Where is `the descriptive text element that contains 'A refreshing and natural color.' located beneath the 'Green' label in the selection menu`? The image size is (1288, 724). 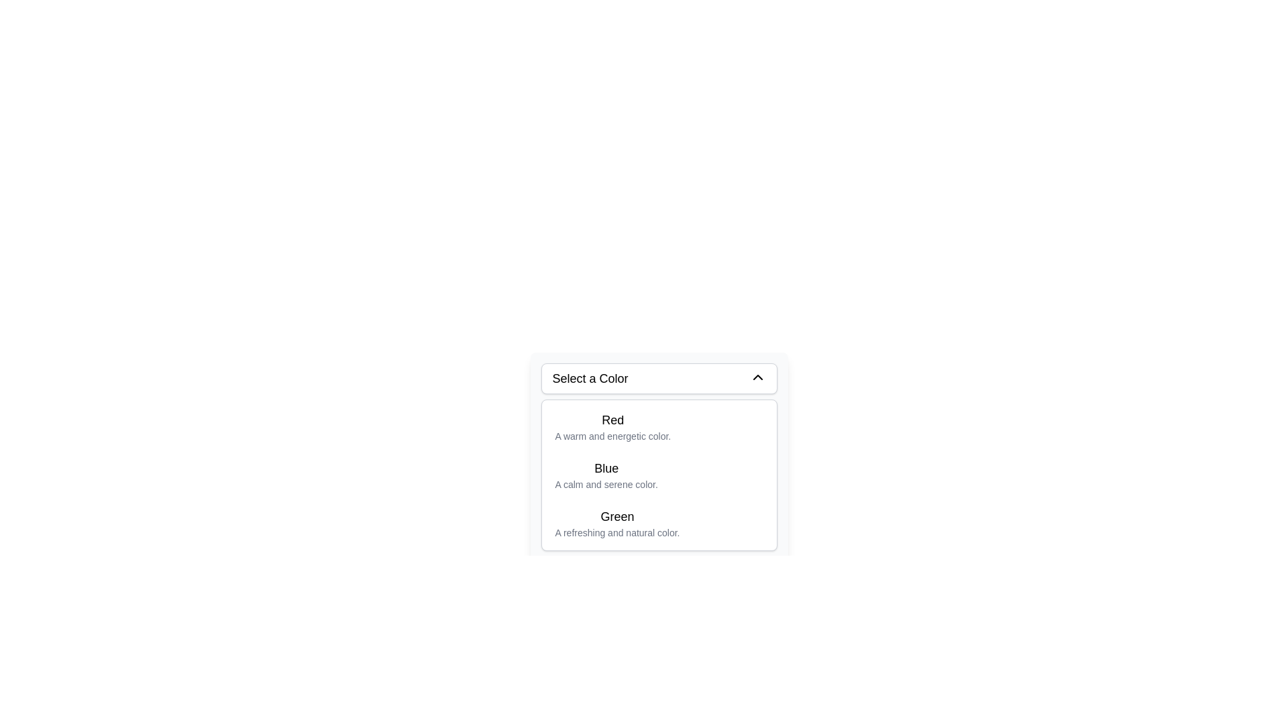 the descriptive text element that contains 'A refreshing and natural color.' located beneath the 'Green' label in the selection menu is located at coordinates (616, 532).